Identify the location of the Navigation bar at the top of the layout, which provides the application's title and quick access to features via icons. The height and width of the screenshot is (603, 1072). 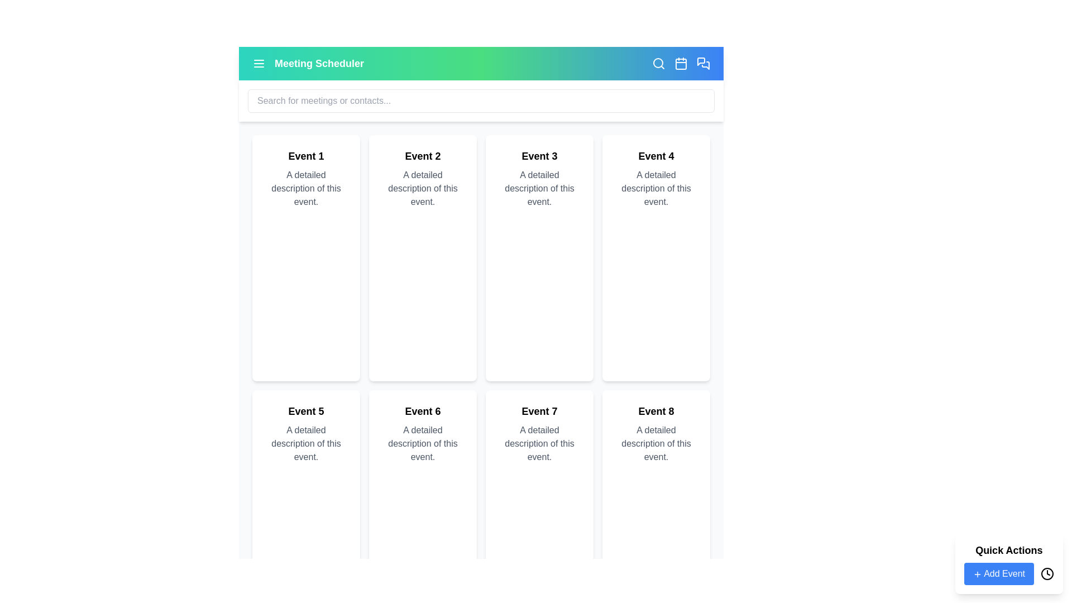
(481, 64).